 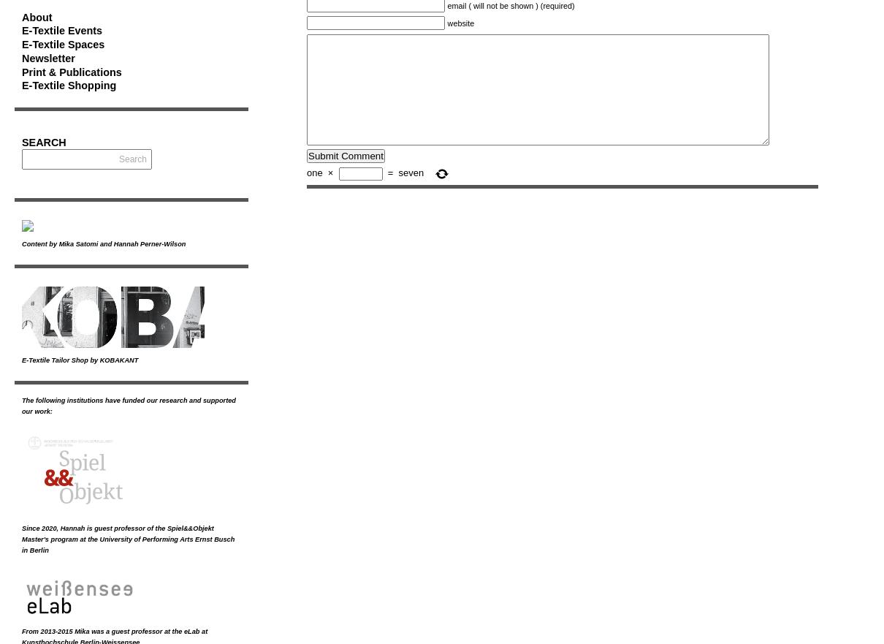 I want to click on 'The following institutions have funded our research and supported our work:', so click(x=129, y=405).